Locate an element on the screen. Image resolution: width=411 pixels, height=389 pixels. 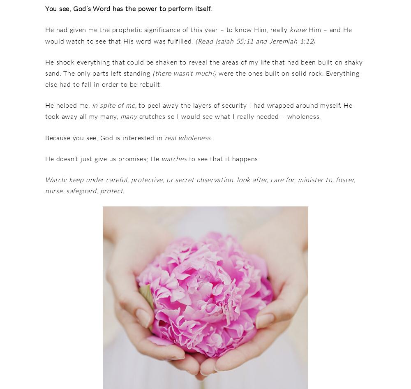
'He shook everything that could be shaken to reveal the areas of my life that had been built on shaky sand. The only parts left standing' is located at coordinates (45, 67).